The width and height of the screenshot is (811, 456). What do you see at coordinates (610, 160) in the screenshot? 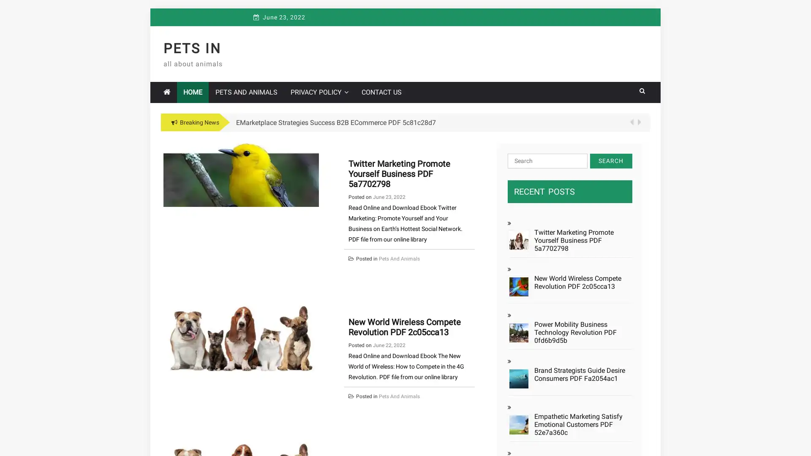
I see `Search` at bounding box center [610, 160].